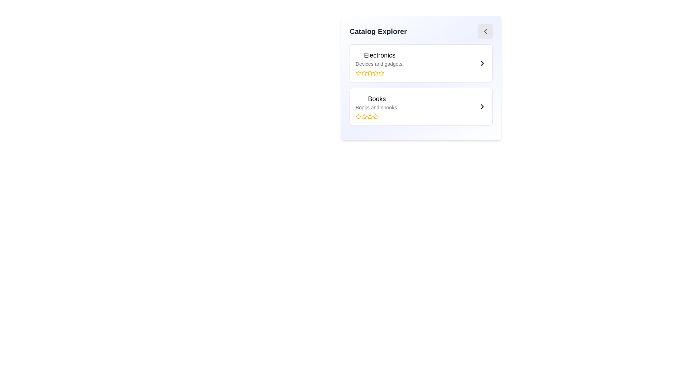 Image resolution: width=687 pixels, height=386 pixels. Describe the element at coordinates (370, 117) in the screenshot. I see `the fourth star icon in the rating system under the 'Books' section to rate it` at that location.